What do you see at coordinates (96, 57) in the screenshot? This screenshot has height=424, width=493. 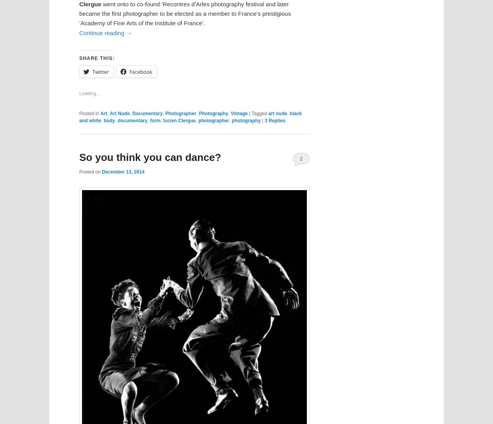 I see `'Share this:'` at bounding box center [96, 57].